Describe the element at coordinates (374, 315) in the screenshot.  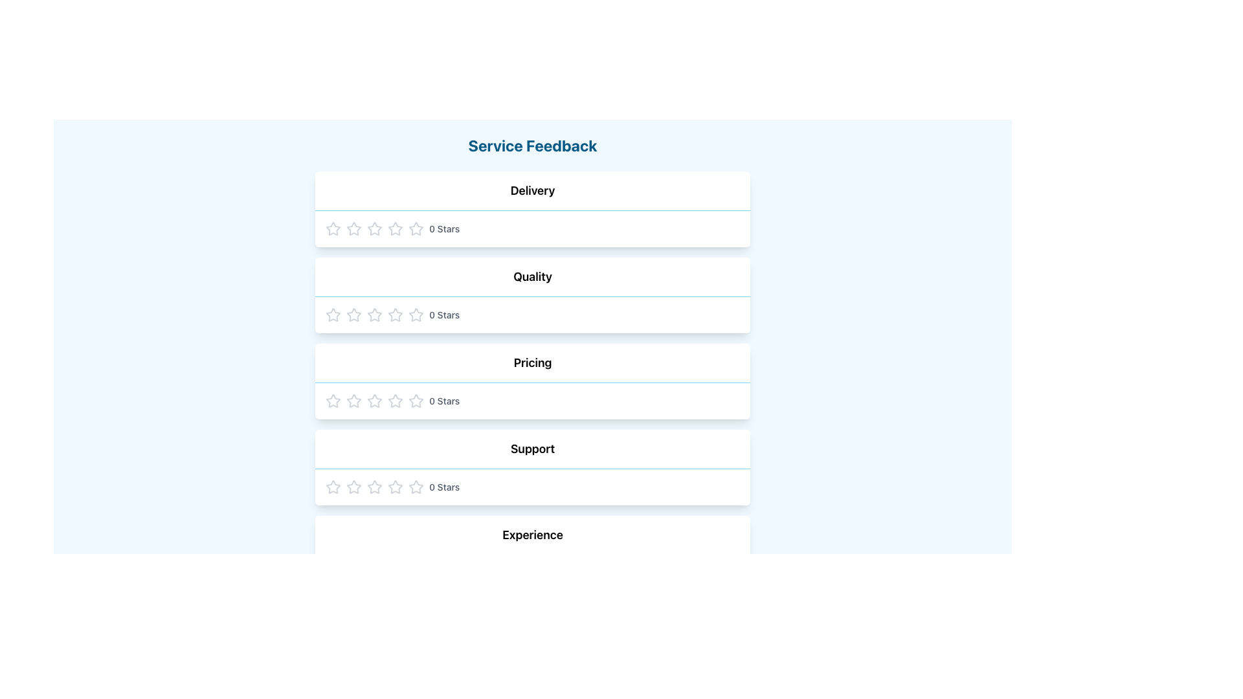
I see `the first star-shaped Rating Star Icon under the 'Quality' category` at that location.